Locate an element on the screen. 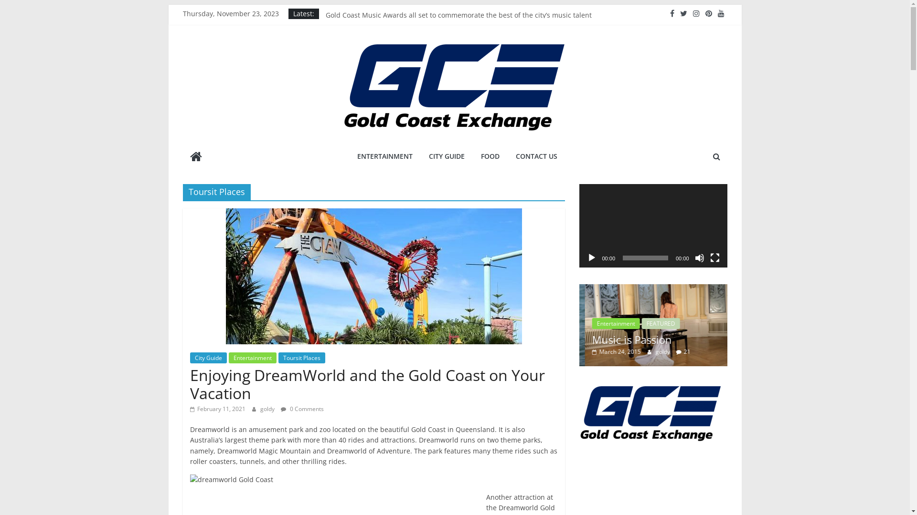  '0 Comments' is located at coordinates (280, 408).